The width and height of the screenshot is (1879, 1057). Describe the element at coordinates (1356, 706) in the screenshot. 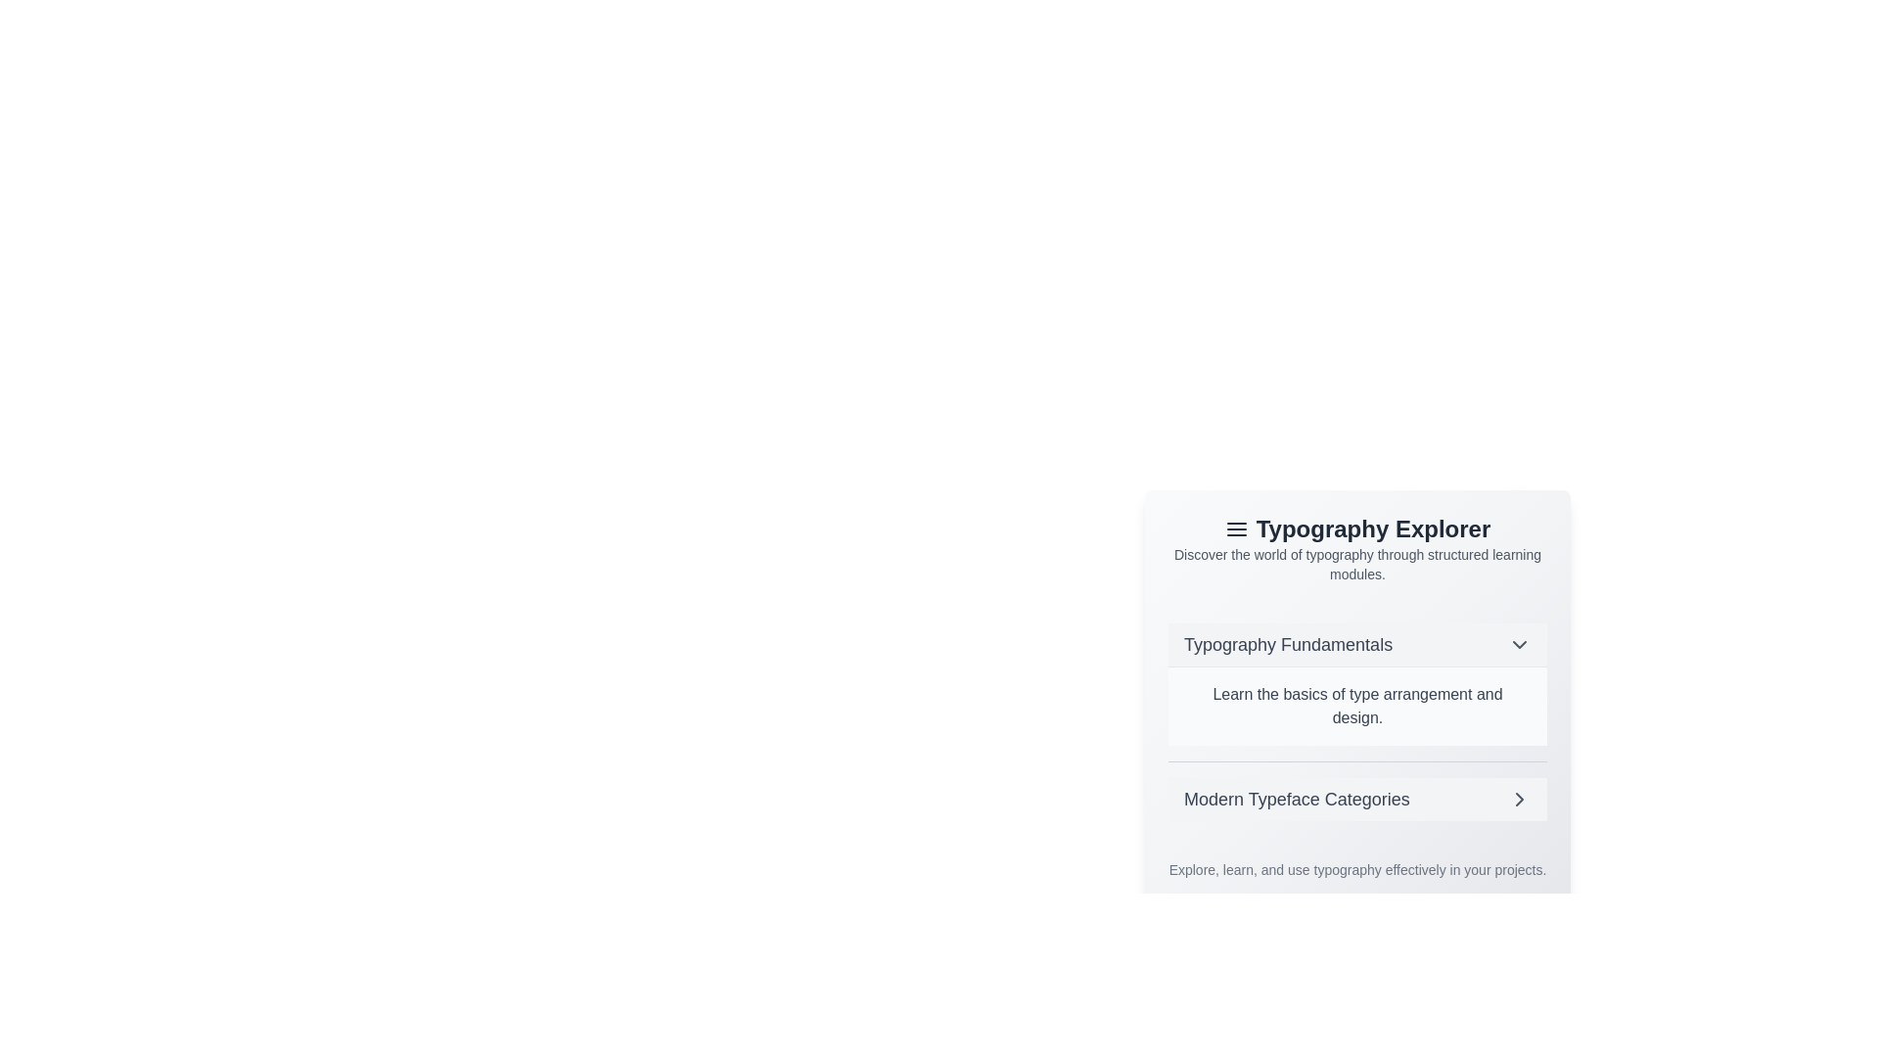

I see `the text block that says 'Learn the basics of type arrangement and design.' located beneath the 'Typography Fundamentals' section in the 'Typography Explorer' panel` at that location.